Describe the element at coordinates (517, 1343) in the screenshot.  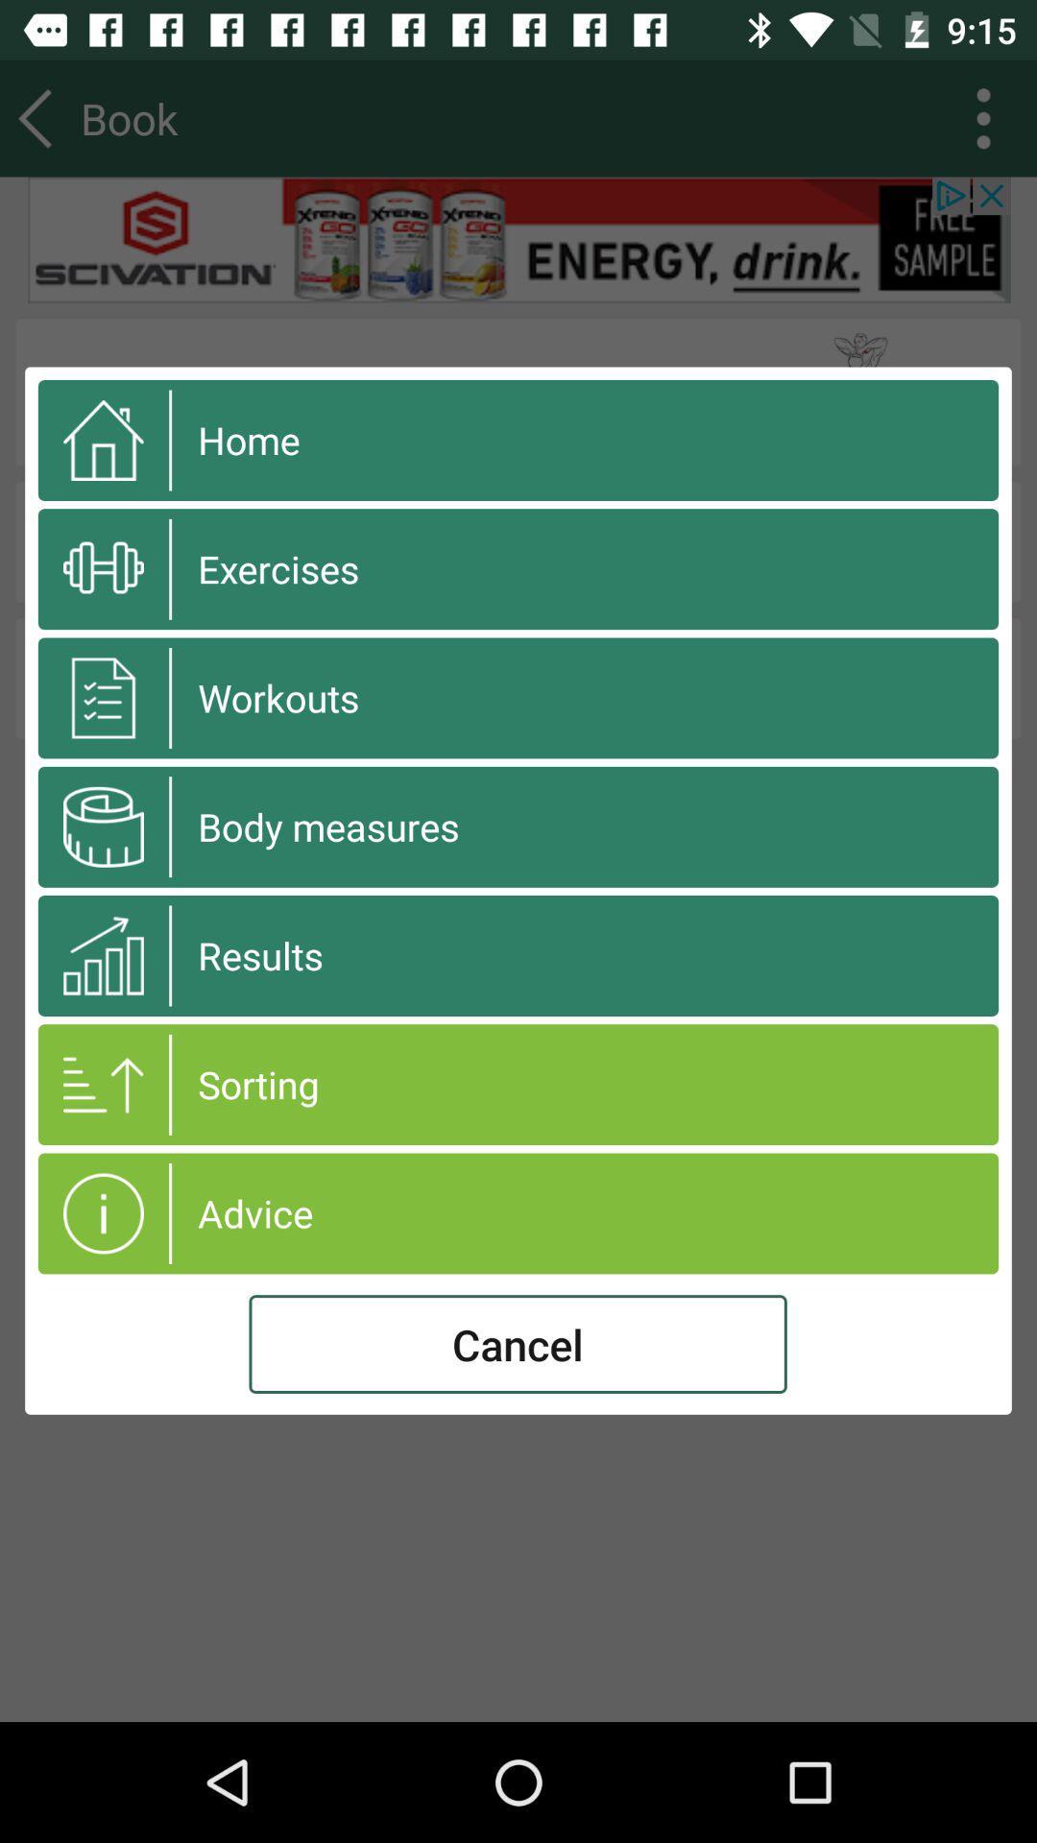
I see `the icon below the advice app` at that location.